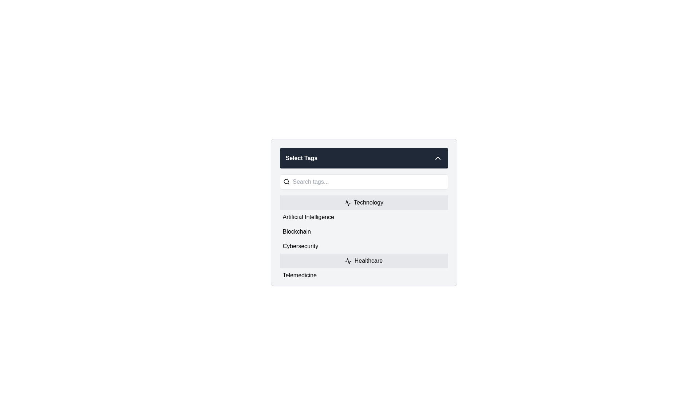  Describe the element at coordinates (348, 261) in the screenshot. I see `the 'Healthcare' icon, which is positioned to the left of the text 'Healthcare'` at that location.